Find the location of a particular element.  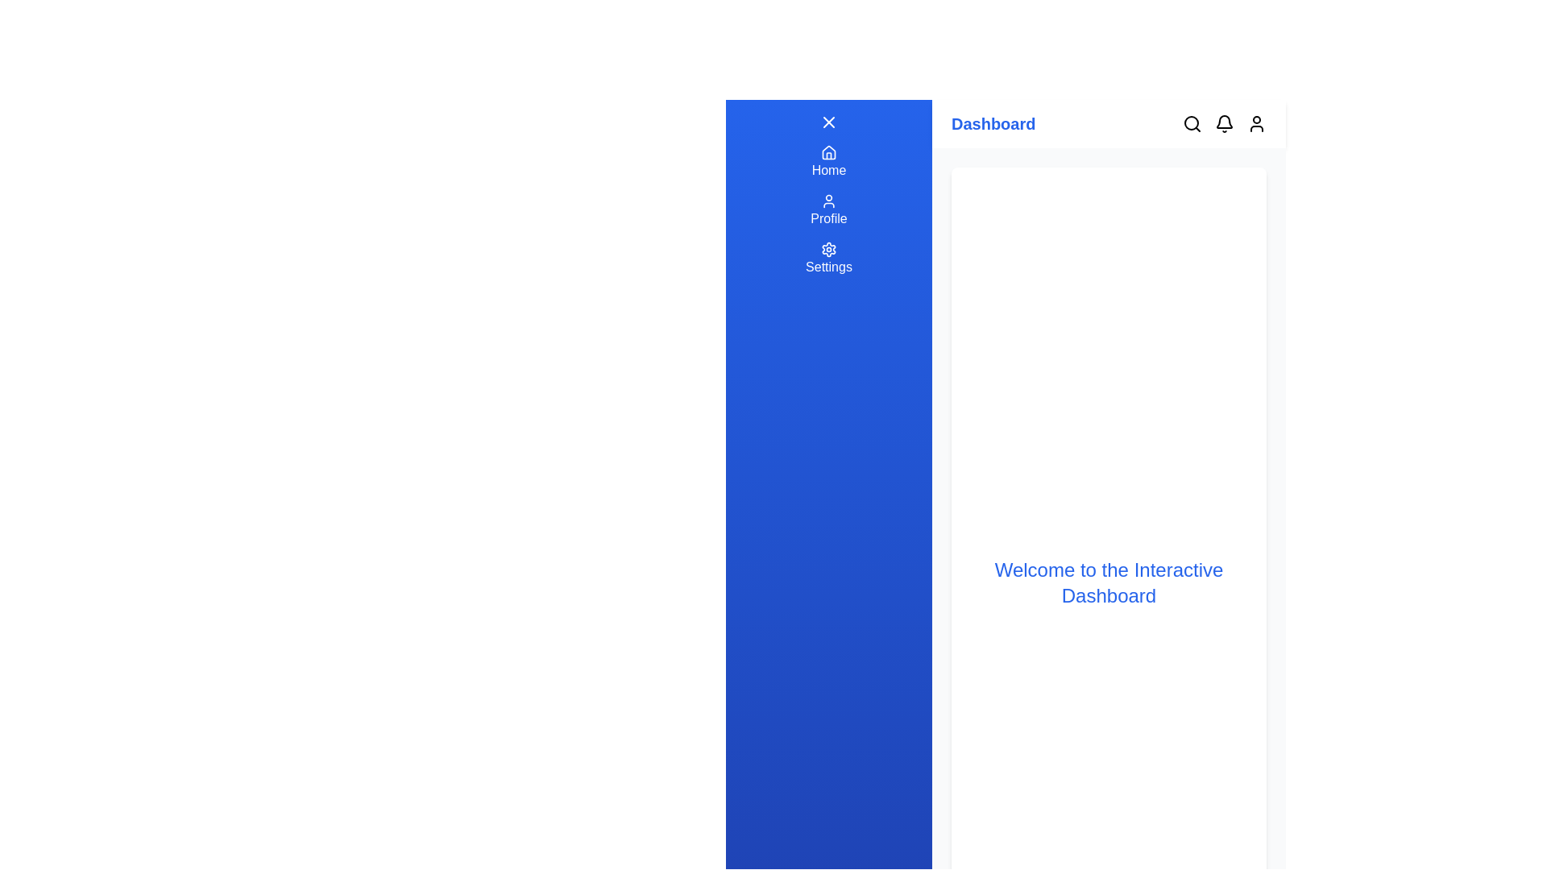

the gear icon in the sidebar navigation panel that represents access to settings, located below the 'Profile' option is located at coordinates (828, 249).